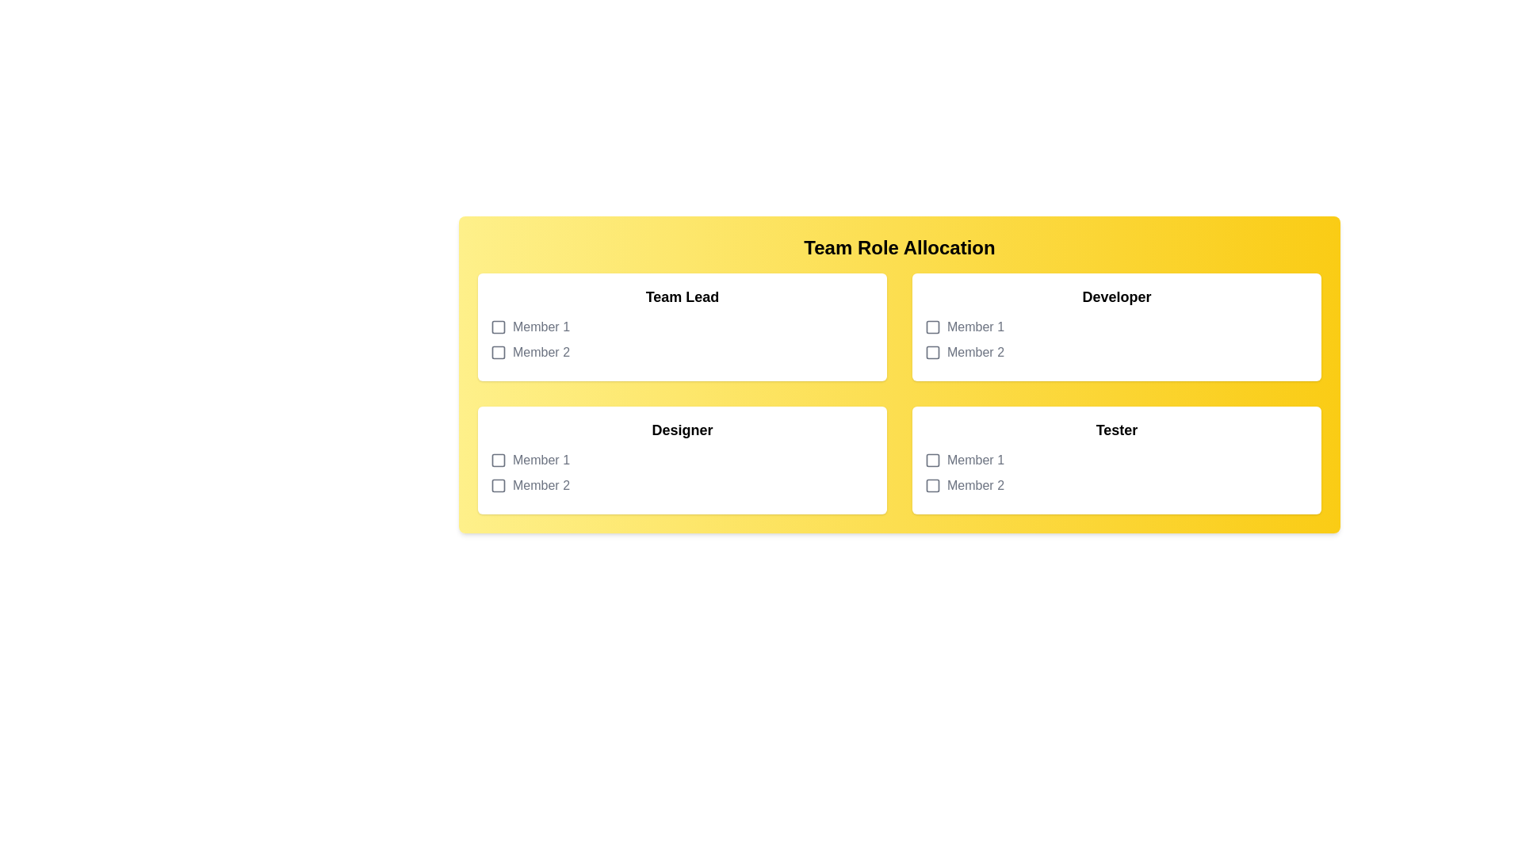  Describe the element at coordinates (497, 351) in the screenshot. I see `the icon next to Team Lead for Member 2 to toggle selection` at that location.